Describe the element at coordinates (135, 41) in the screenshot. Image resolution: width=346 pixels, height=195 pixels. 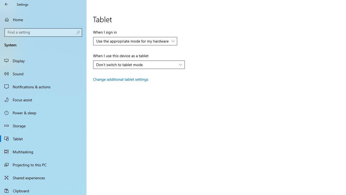
I see `'When I sign in'` at that location.